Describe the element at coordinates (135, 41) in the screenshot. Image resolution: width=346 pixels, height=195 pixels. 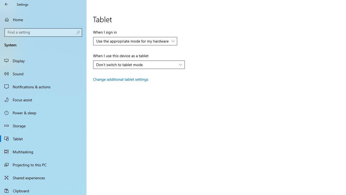
I see `'When I sign in'` at that location.